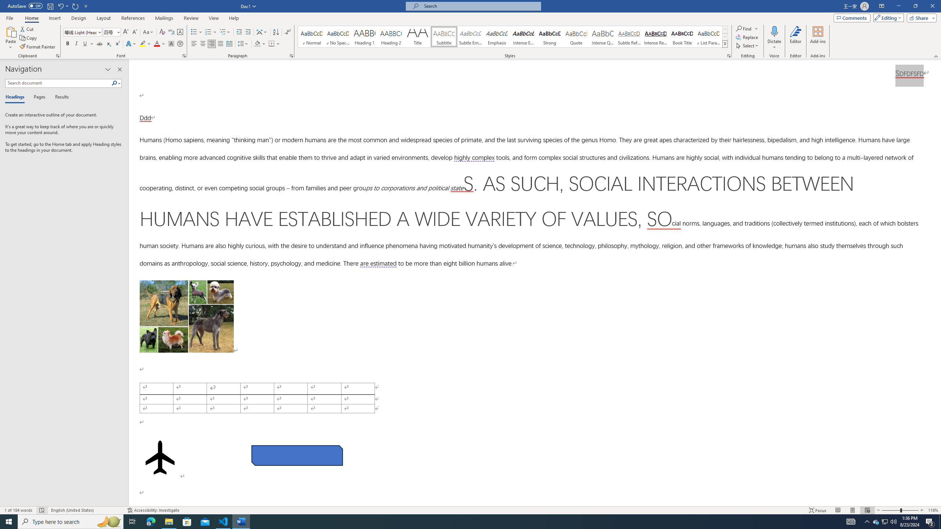 This screenshot has height=529, width=941. What do you see at coordinates (67, 43) in the screenshot?
I see `'Bold'` at bounding box center [67, 43].